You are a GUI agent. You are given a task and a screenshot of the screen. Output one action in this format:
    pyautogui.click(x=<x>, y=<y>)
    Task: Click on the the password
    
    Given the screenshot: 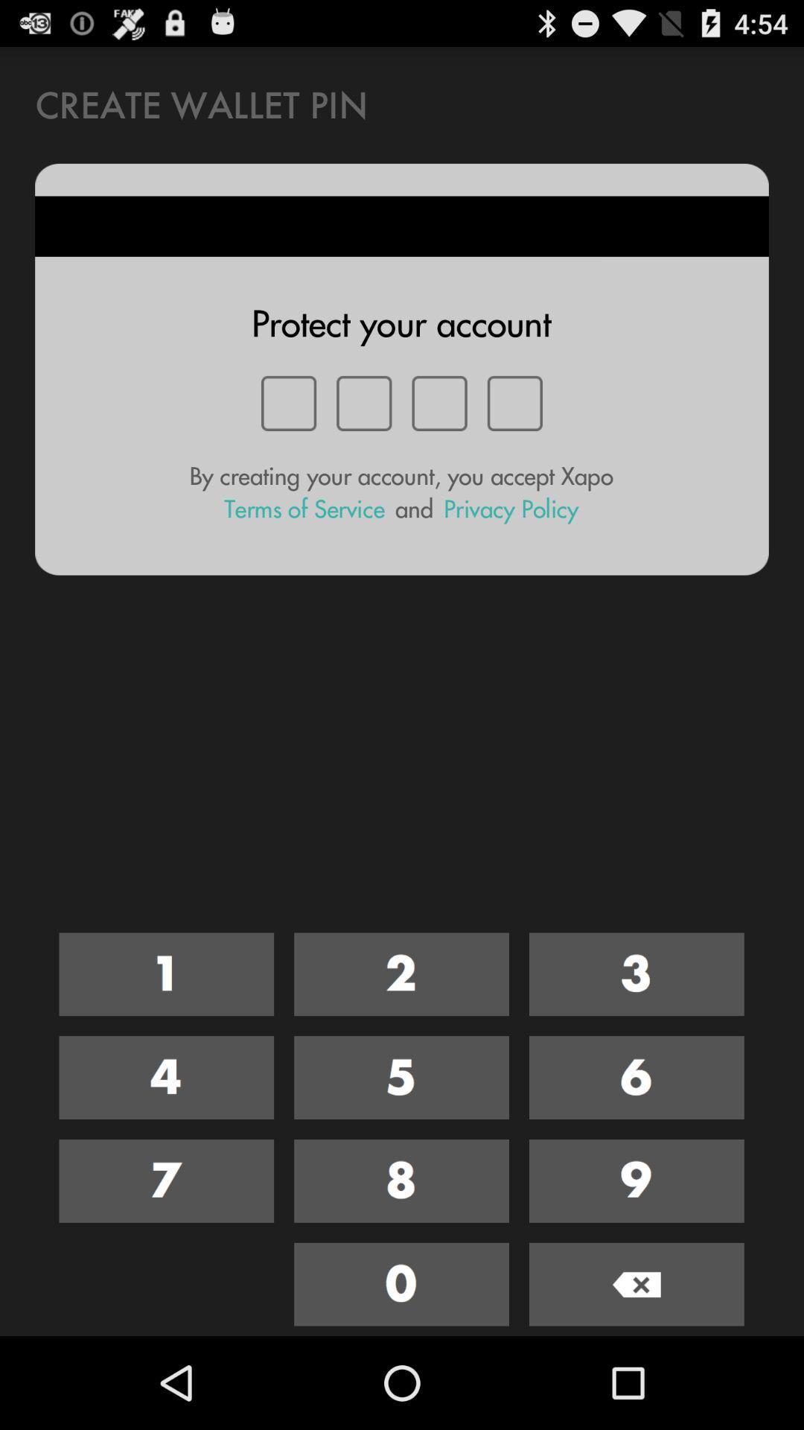 What is the action you would take?
    pyautogui.click(x=166, y=1078)
    